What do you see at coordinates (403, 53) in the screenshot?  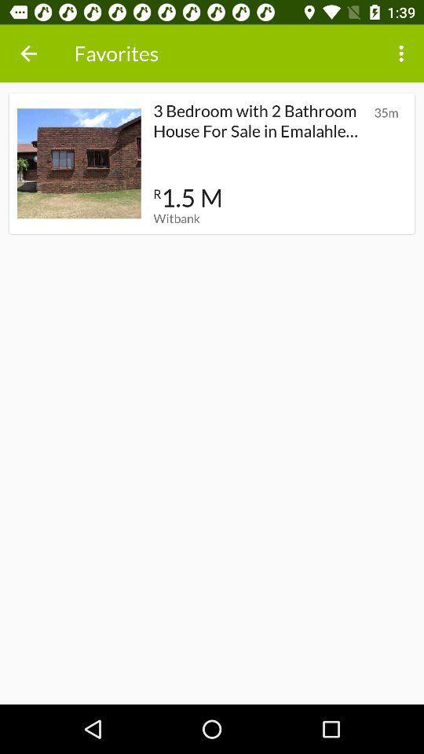 I see `the item above 35m` at bounding box center [403, 53].